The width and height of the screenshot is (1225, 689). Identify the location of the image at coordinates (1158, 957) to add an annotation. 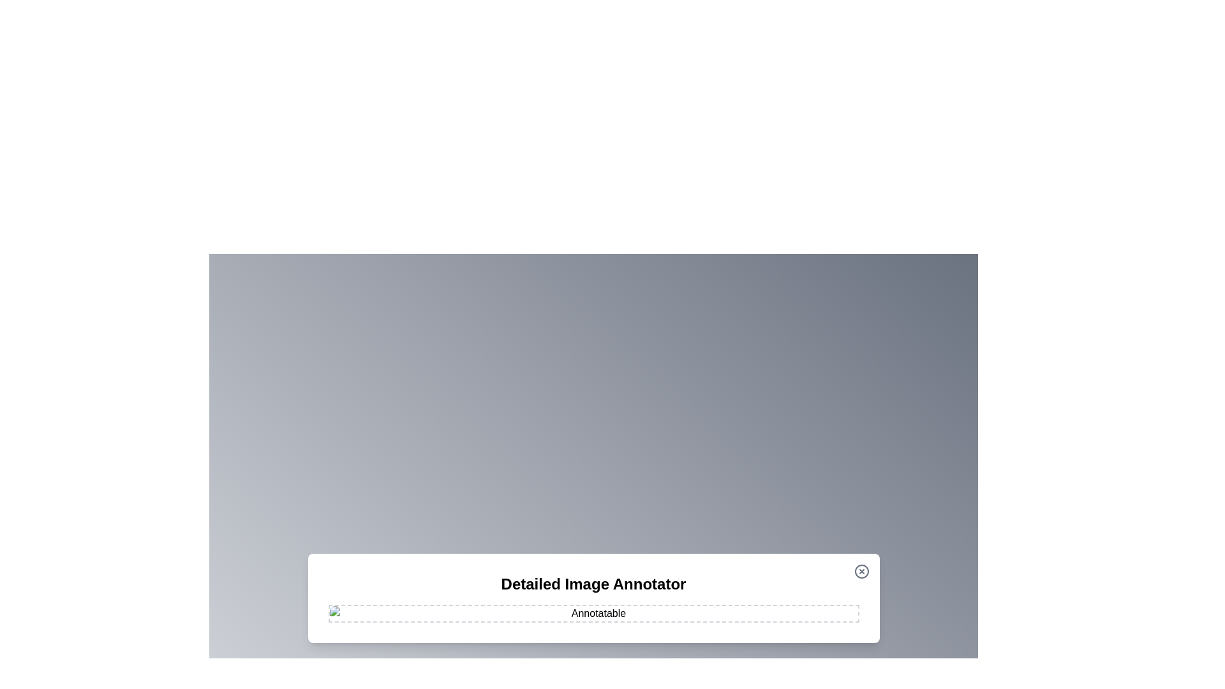
(738, 609).